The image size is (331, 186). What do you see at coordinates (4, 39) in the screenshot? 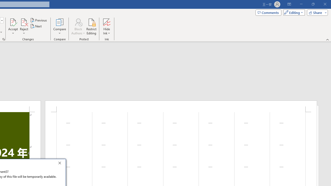
I see `'Change Tracking Options...'` at bounding box center [4, 39].